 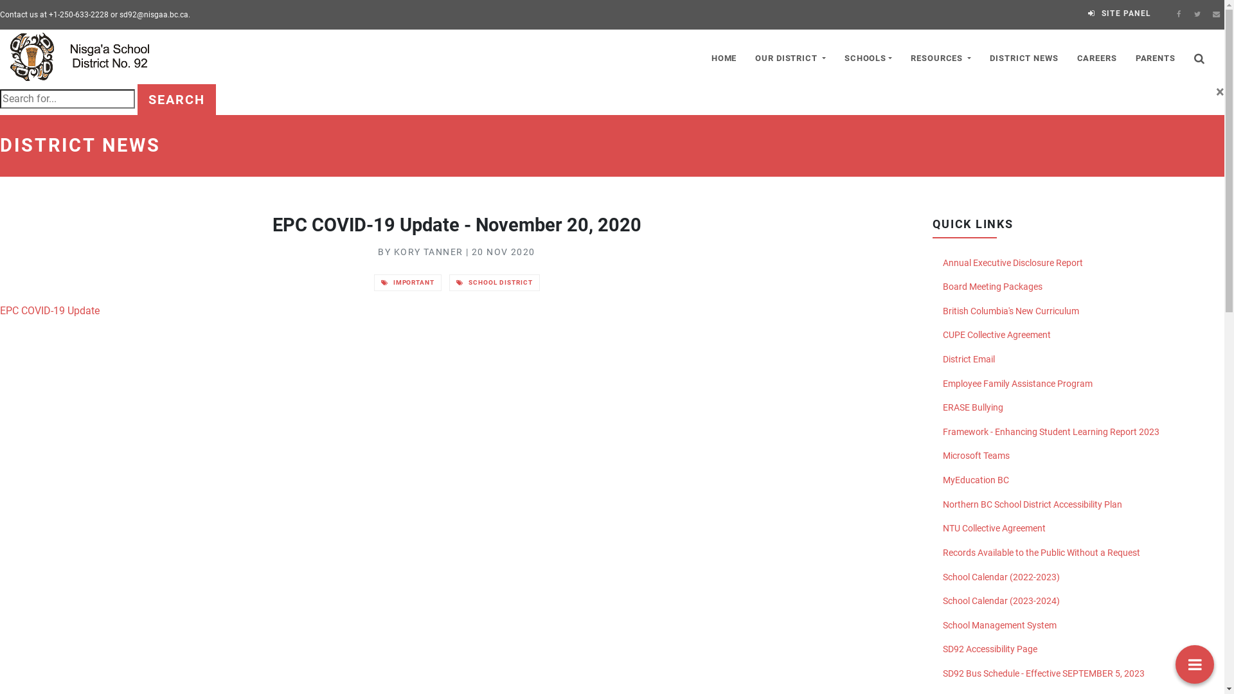 I want to click on 'CAREERS', so click(x=1096, y=56).